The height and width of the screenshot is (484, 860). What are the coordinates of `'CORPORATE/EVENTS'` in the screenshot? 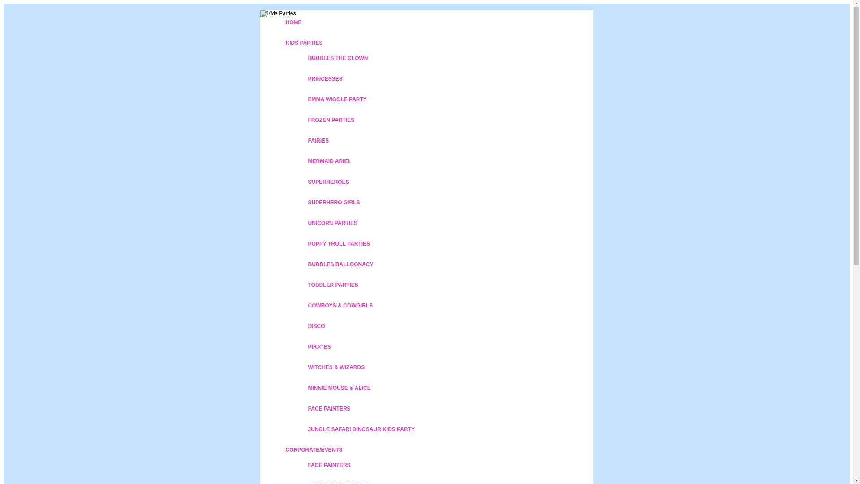 It's located at (281, 449).